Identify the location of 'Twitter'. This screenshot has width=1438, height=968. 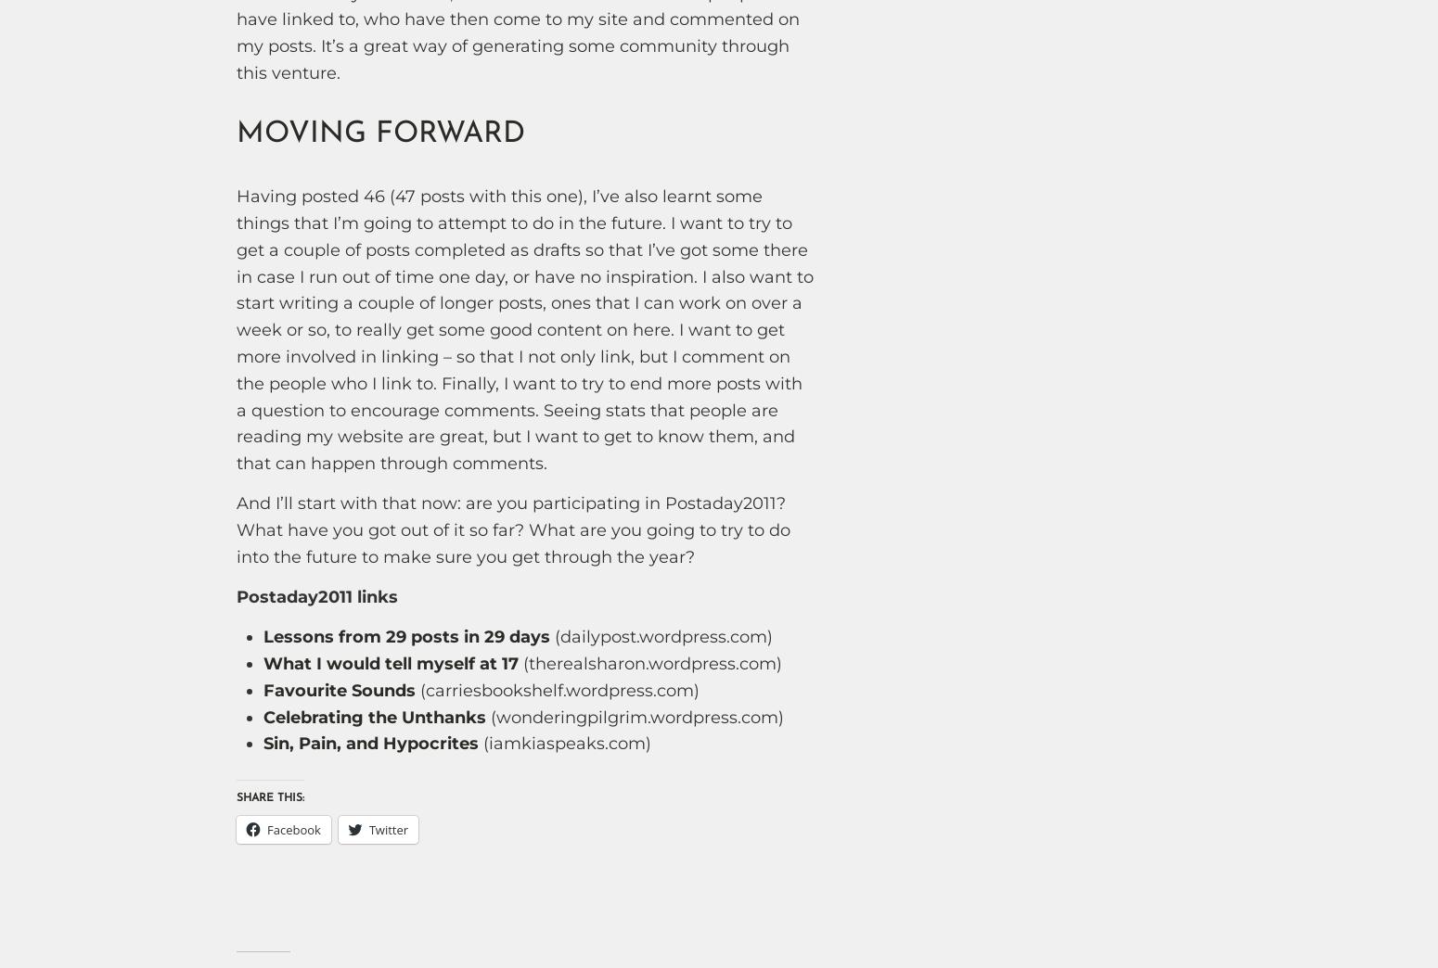
(388, 830).